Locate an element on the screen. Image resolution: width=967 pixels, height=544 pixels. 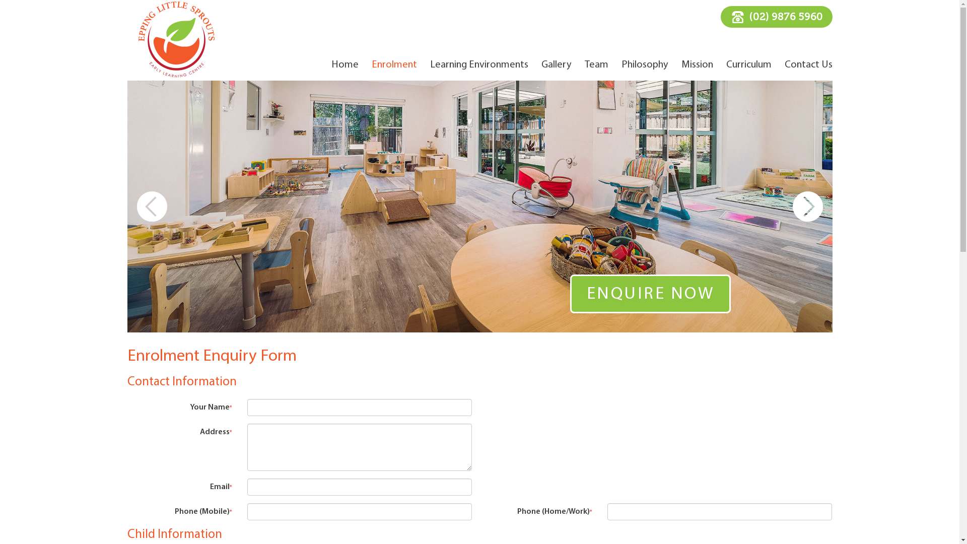
'Home' is located at coordinates (345, 65).